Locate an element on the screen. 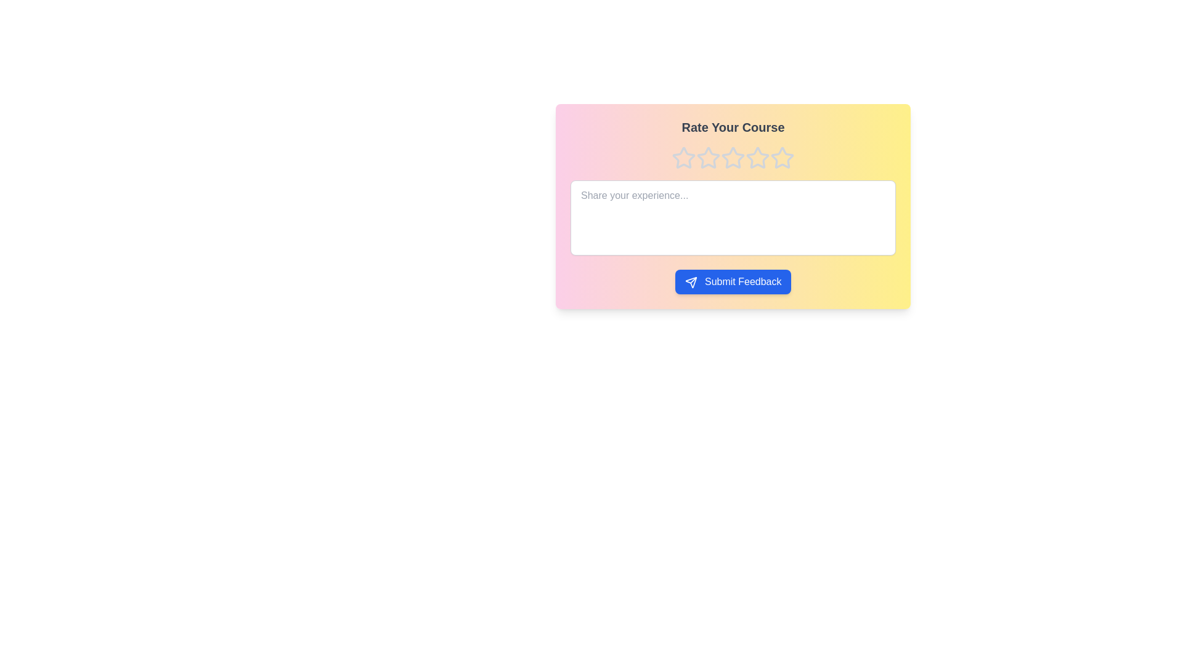 This screenshot has height=665, width=1183. the third star icon used for ratings under the text 'Rate Your Course' to rate is located at coordinates (756, 156).